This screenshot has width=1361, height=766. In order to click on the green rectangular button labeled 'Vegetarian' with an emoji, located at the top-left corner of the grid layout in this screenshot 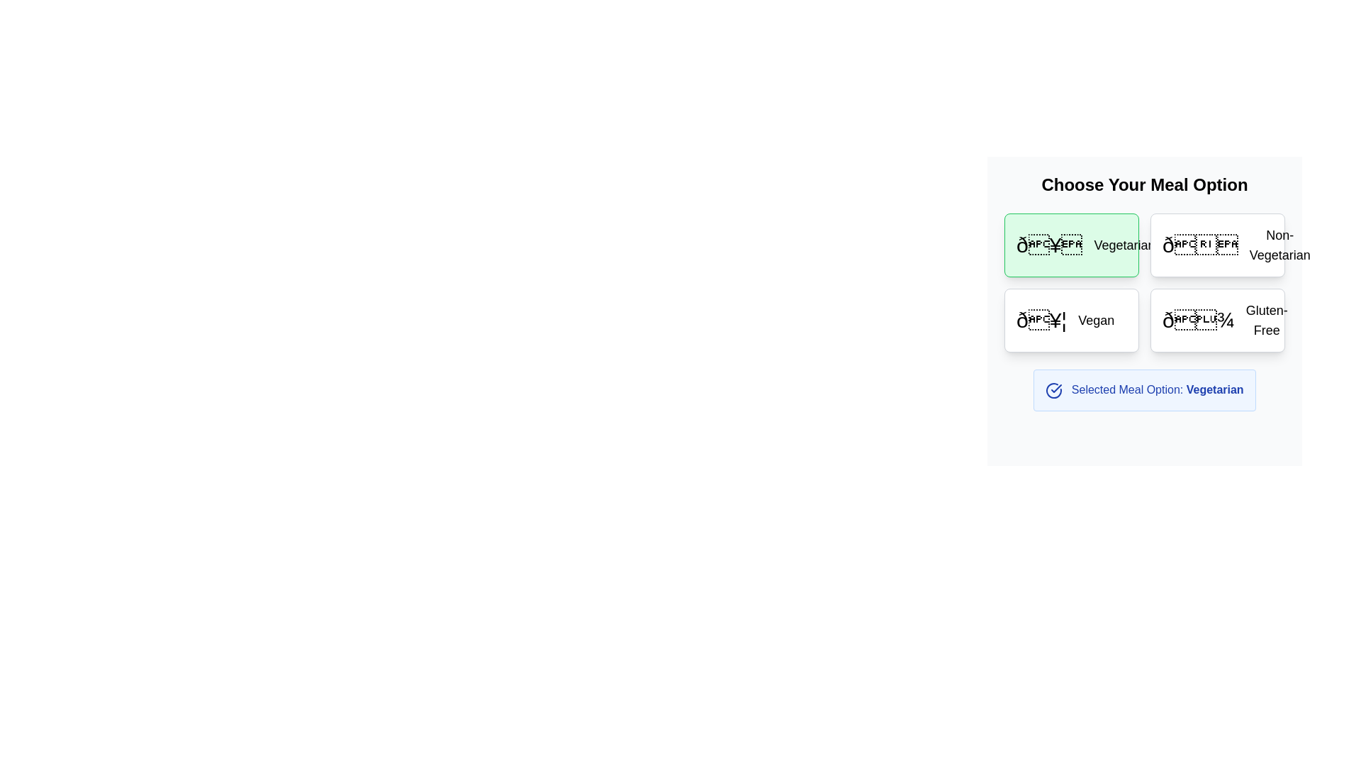, I will do `click(1072, 245)`.